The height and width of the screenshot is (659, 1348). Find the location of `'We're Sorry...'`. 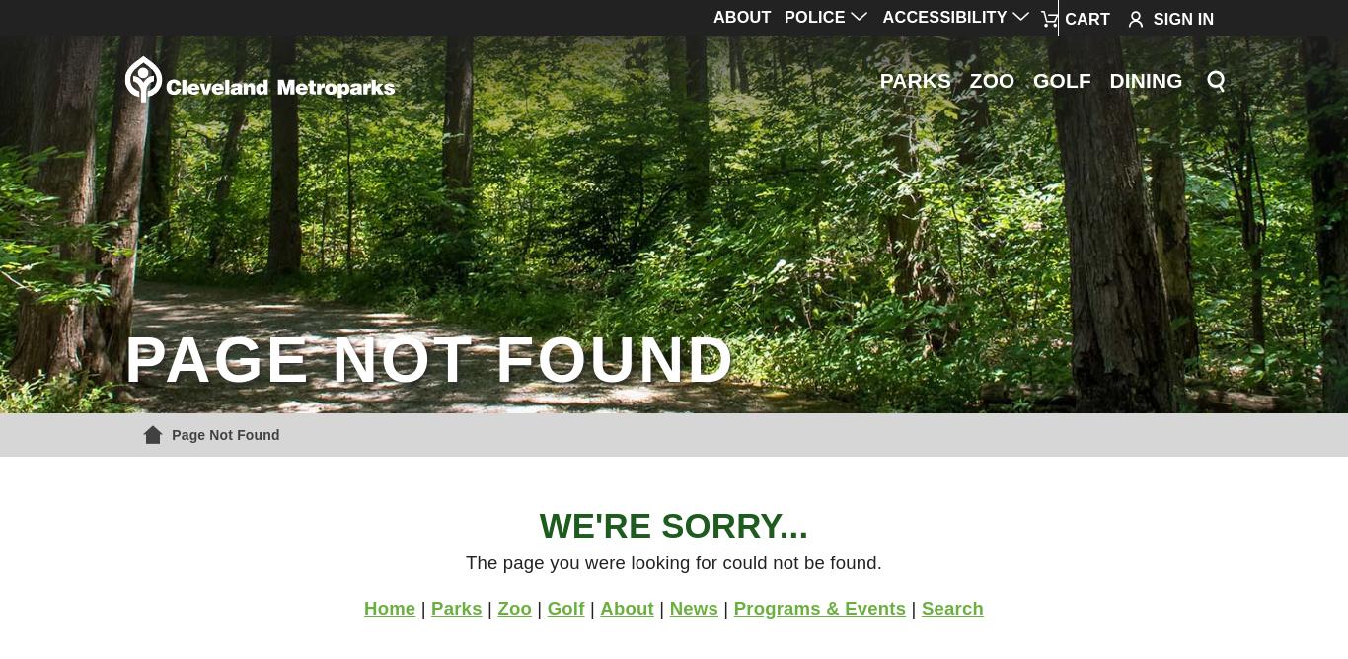

'We're Sorry...' is located at coordinates (672, 525).